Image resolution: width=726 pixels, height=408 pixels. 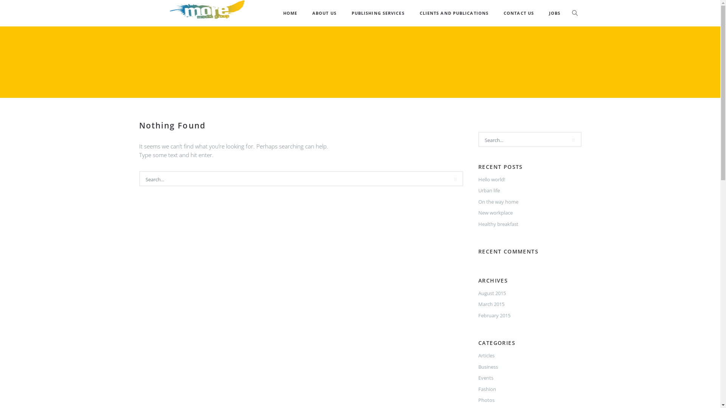 I want to click on 'HOME', so click(x=290, y=13).